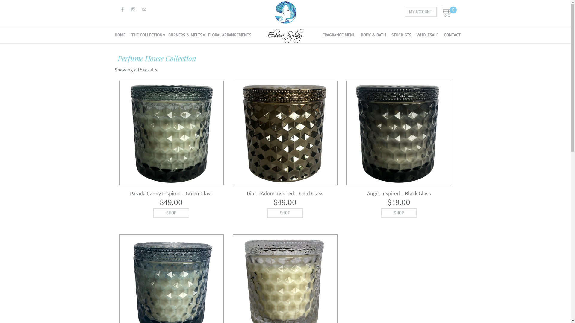  Describe the element at coordinates (167, 36) in the screenshot. I see `'BURNERS & MELTS'` at that location.